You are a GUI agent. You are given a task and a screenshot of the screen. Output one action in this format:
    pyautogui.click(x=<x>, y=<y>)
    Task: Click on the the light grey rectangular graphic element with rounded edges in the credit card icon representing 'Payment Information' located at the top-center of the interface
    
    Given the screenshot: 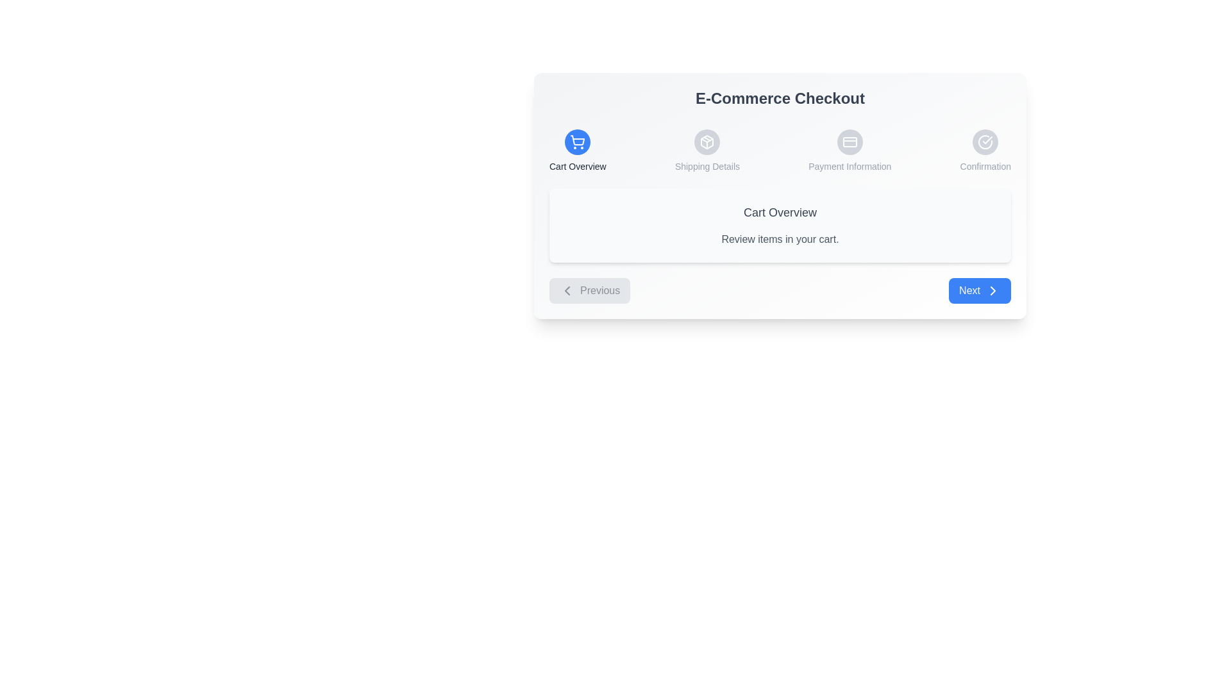 What is the action you would take?
    pyautogui.click(x=850, y=142)
    